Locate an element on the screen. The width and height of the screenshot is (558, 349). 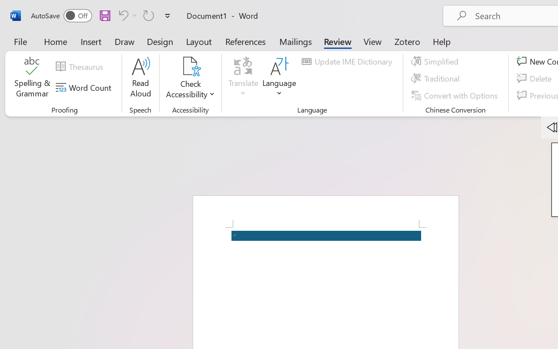
'Simplified' is located at coordinates (436, 62).